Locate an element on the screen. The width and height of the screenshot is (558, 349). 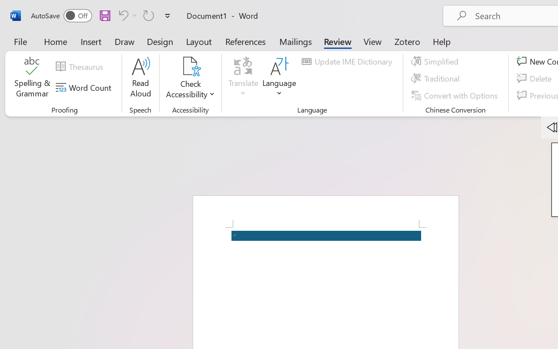
'Simplified' is located at coordinates (436, 62).